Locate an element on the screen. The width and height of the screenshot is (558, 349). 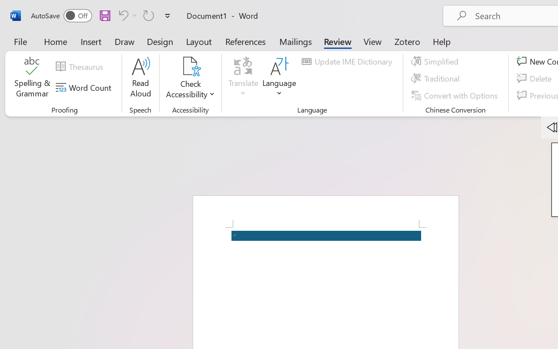
'Simplified' is located at coordinates (436, 62).